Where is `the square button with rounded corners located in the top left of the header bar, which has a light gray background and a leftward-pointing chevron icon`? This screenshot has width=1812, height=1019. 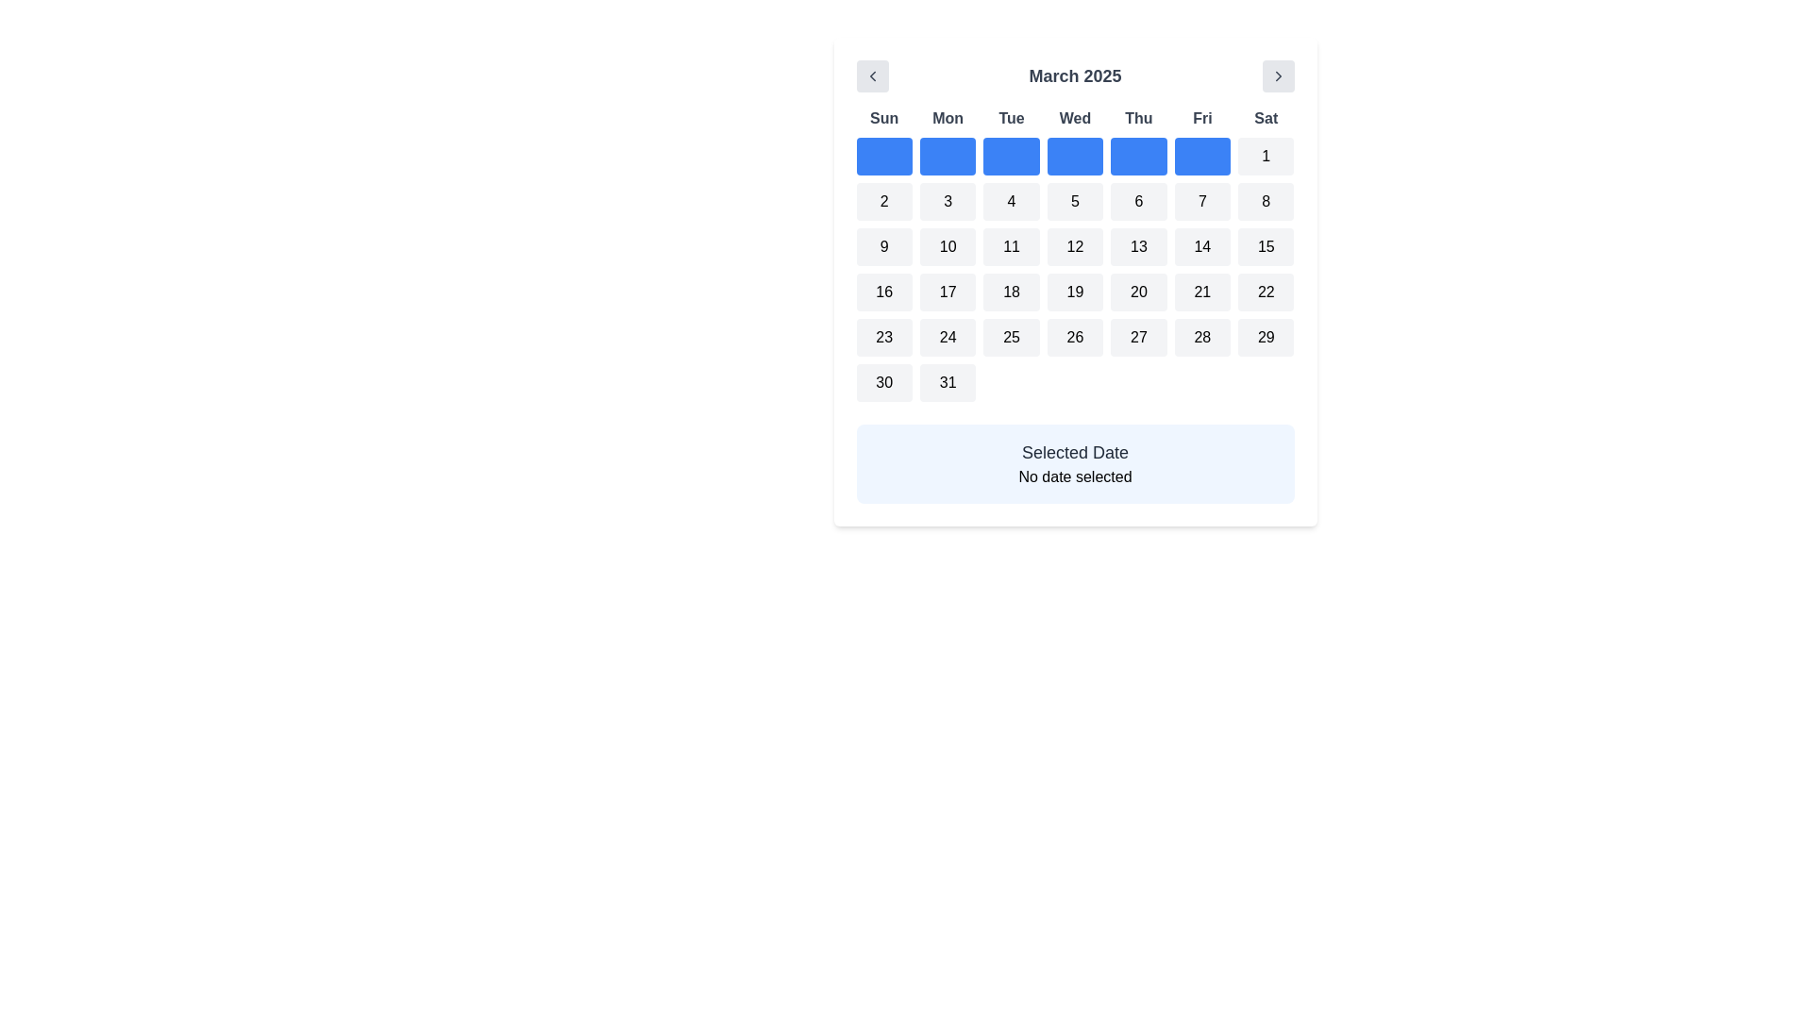 the square button with rounded corners located in the top left of the header bar, which has a light gray background and a leftward-pointing chevron icon is located at coordinates (871, 75).